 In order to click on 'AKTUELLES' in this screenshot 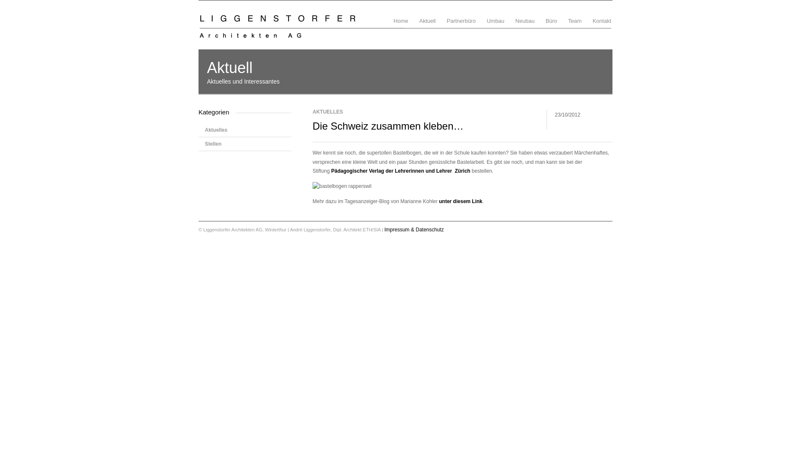, I will do `click(327, 111)`.